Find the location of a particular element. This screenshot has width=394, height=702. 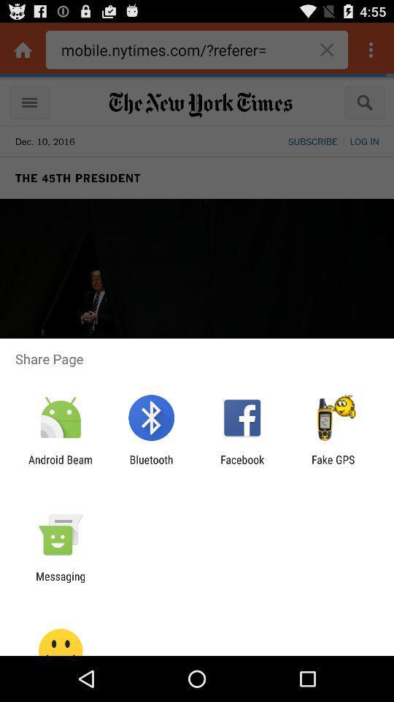

item to the left of the facebook is located at coordinates (150, 465).